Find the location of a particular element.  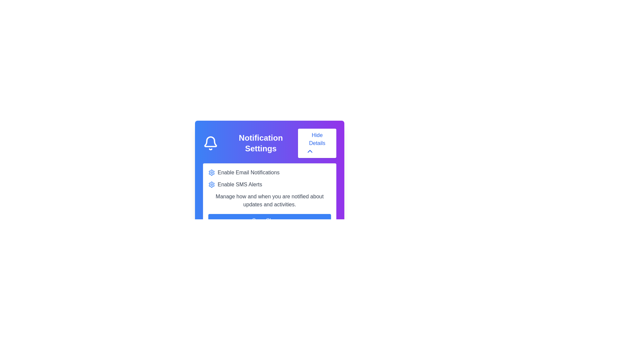

the 'Notification Settings' header is located at coordinates (270, 143).